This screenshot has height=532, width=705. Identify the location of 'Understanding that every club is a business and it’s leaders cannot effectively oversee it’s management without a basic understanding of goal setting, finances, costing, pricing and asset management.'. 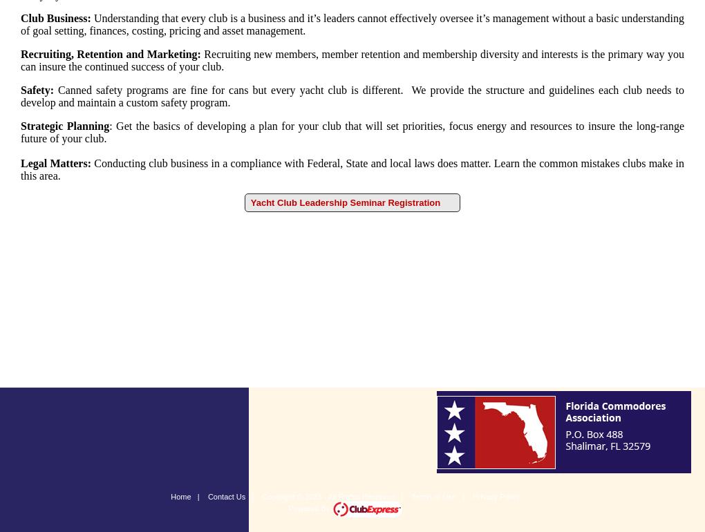
(352, 23).